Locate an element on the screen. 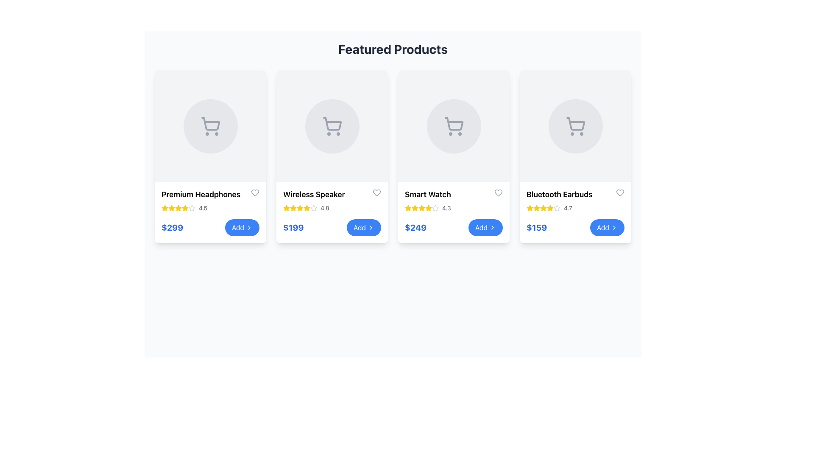  the rightward-pointing chevron arrow icon located within the 'Add' button of the 'Smart Watch' card, which indicates adding an item is located at coordinates (492, 227).